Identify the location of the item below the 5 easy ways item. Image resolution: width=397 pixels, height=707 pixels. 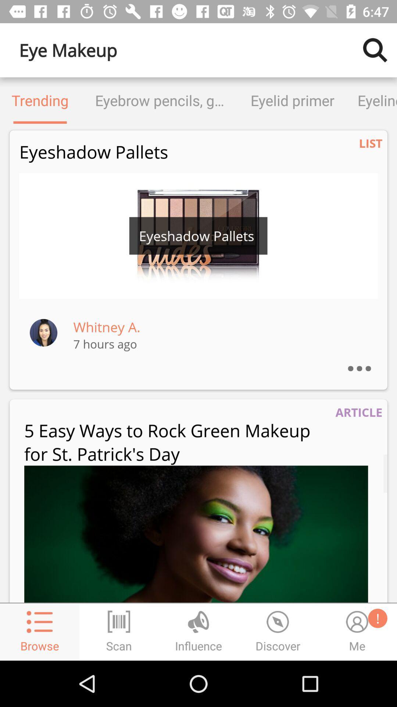
(196, 534).